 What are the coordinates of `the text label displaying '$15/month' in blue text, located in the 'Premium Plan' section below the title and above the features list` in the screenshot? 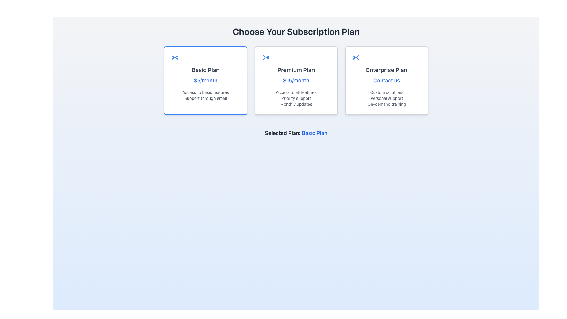 It's located at (296, 81).